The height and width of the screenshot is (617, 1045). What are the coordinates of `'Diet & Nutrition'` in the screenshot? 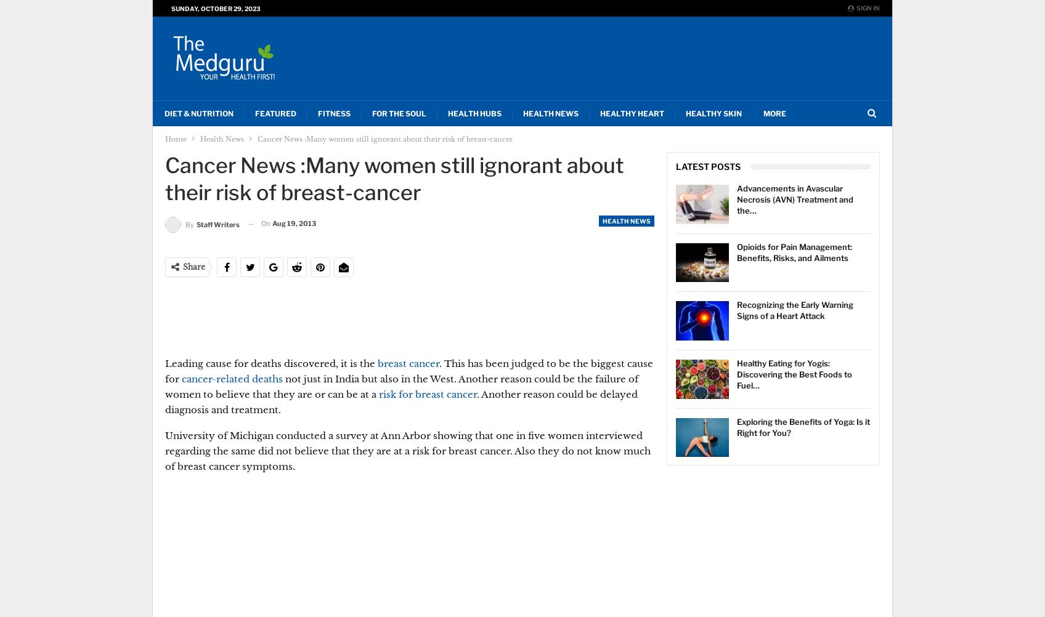 It's located at (163, 113).